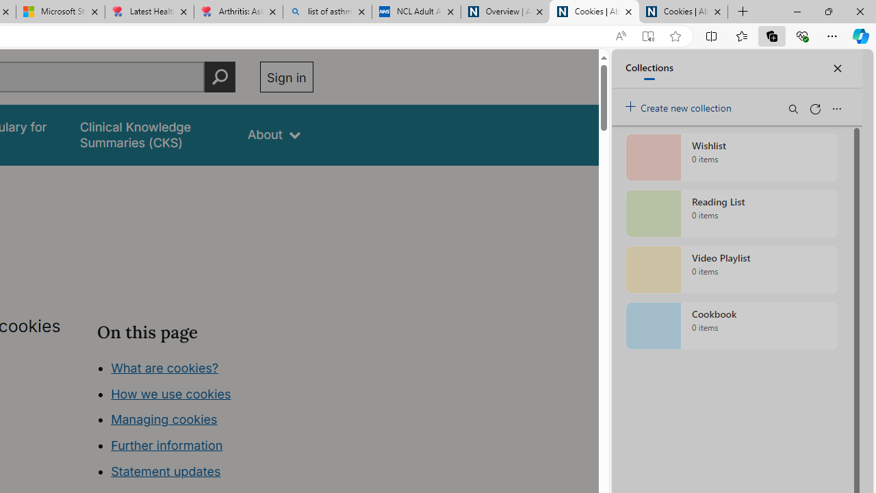  Describe the element at coordinates (684, 12) in the screenshot. I see `'Cookies | About | NICE'` at that location.